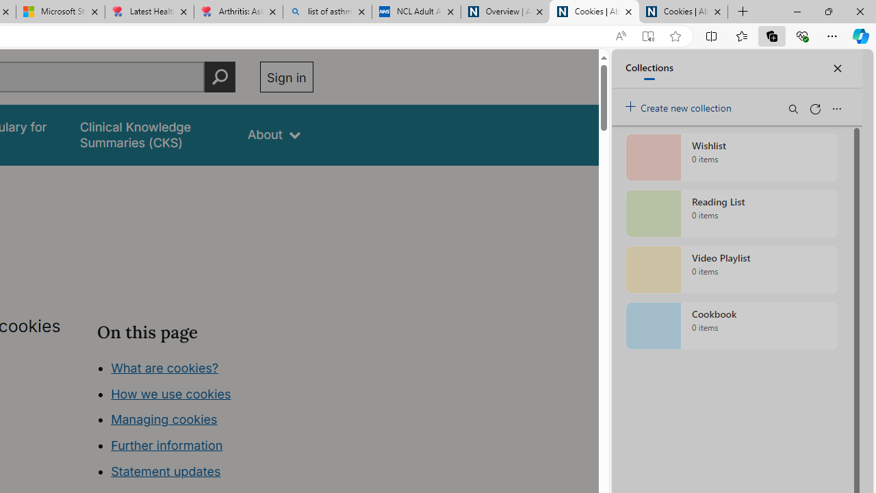  Describe the element at coordinates (684, 12) in the screenshot. I see `'Cookies | About | NICE'` at that location.